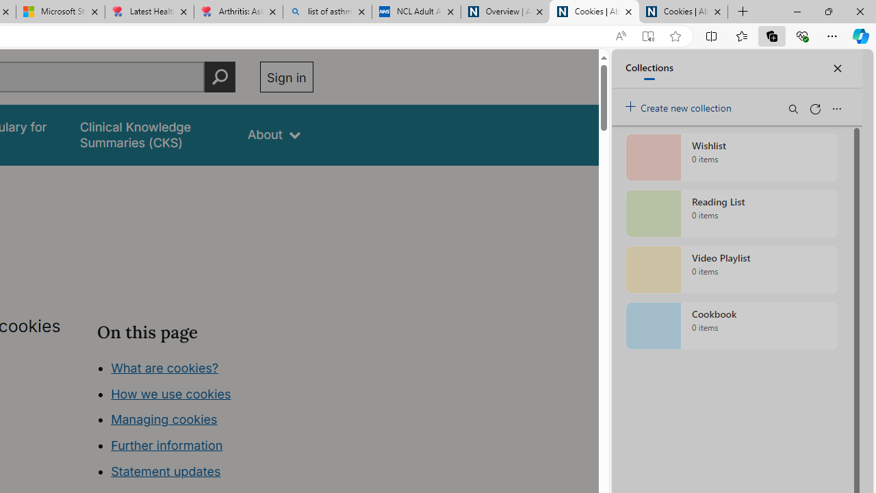  Describe the element at coordinates (684, 12) in the screenshot. I see `'Cookies | About | NICE'` at that location.